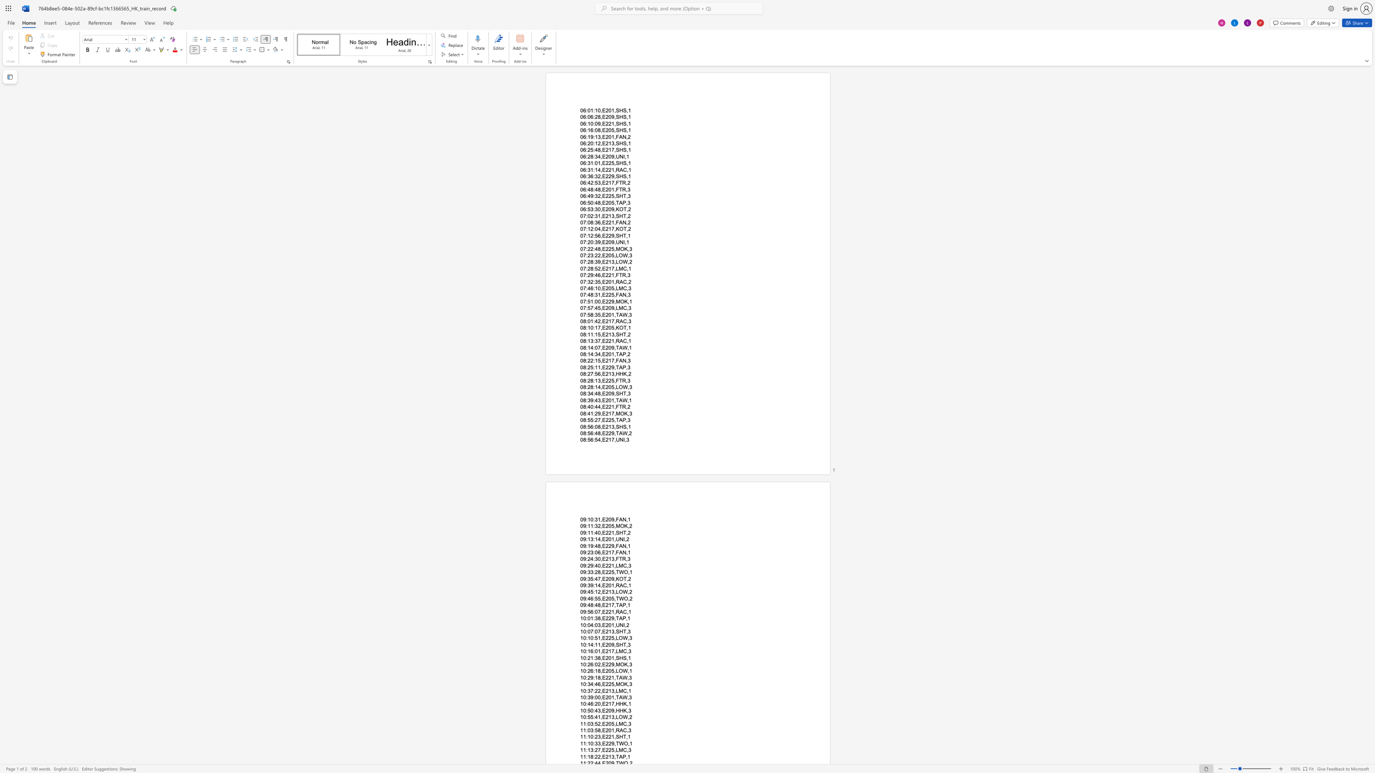  I want to click on the subset text "E205,LOW" within the text "10:26:18,E205,LOW,1", so click(602, 671).